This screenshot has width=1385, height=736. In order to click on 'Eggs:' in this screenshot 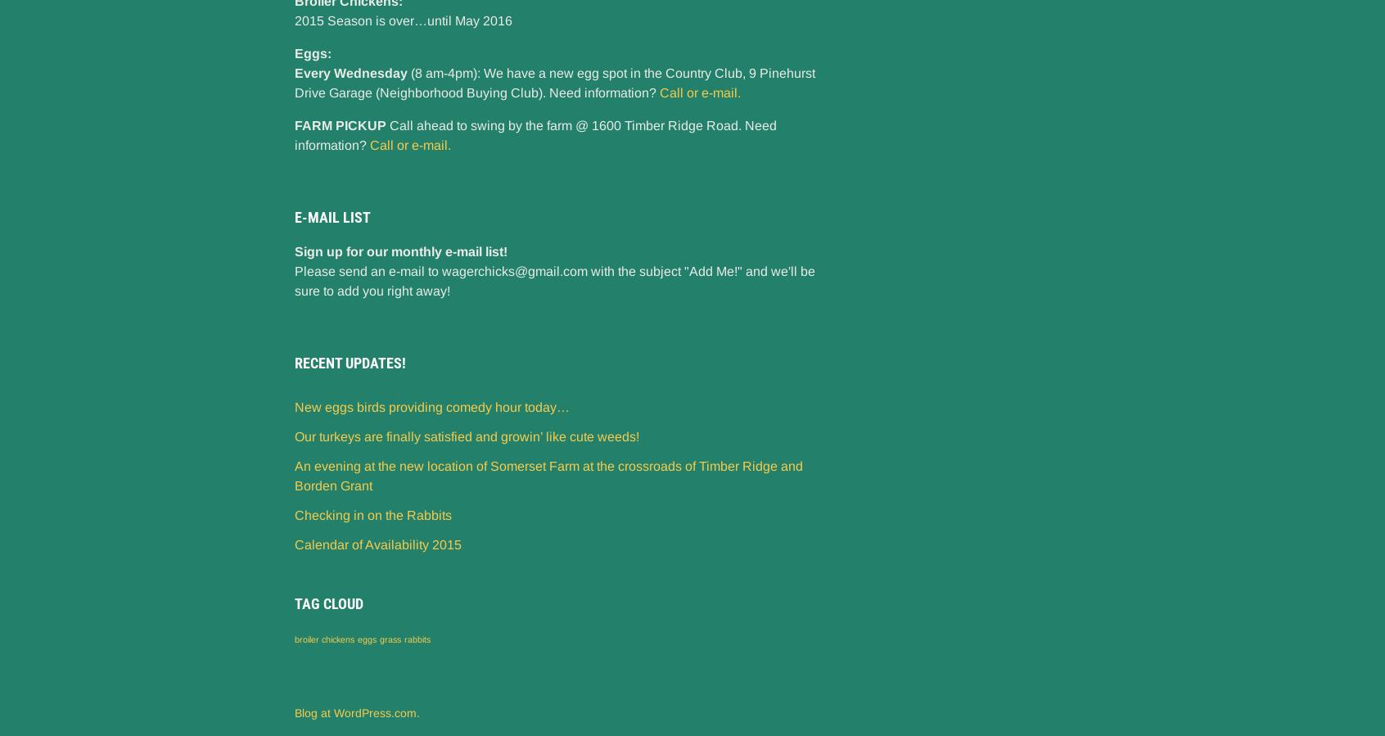, I will do `click(313, 52)`.